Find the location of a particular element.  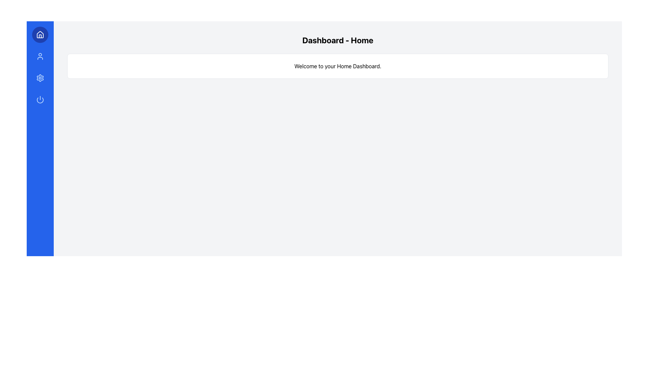

the circular button with a gear symbol, which is the fourth icon in the vertical navigation bar is located at coordinates (40, 78).